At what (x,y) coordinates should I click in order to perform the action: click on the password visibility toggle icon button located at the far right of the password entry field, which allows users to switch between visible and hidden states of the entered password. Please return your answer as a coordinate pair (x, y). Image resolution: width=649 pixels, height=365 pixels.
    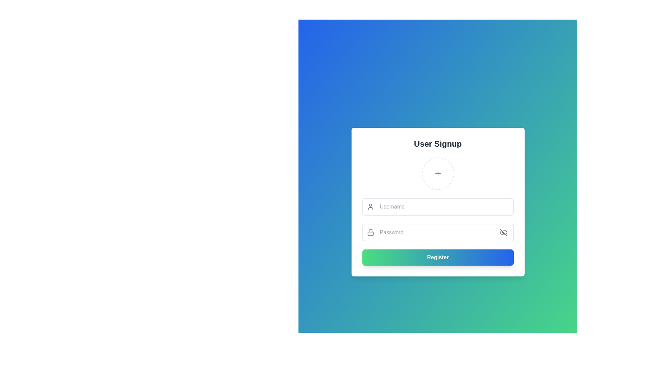
    Looking at the image, I should click on (503, 232).